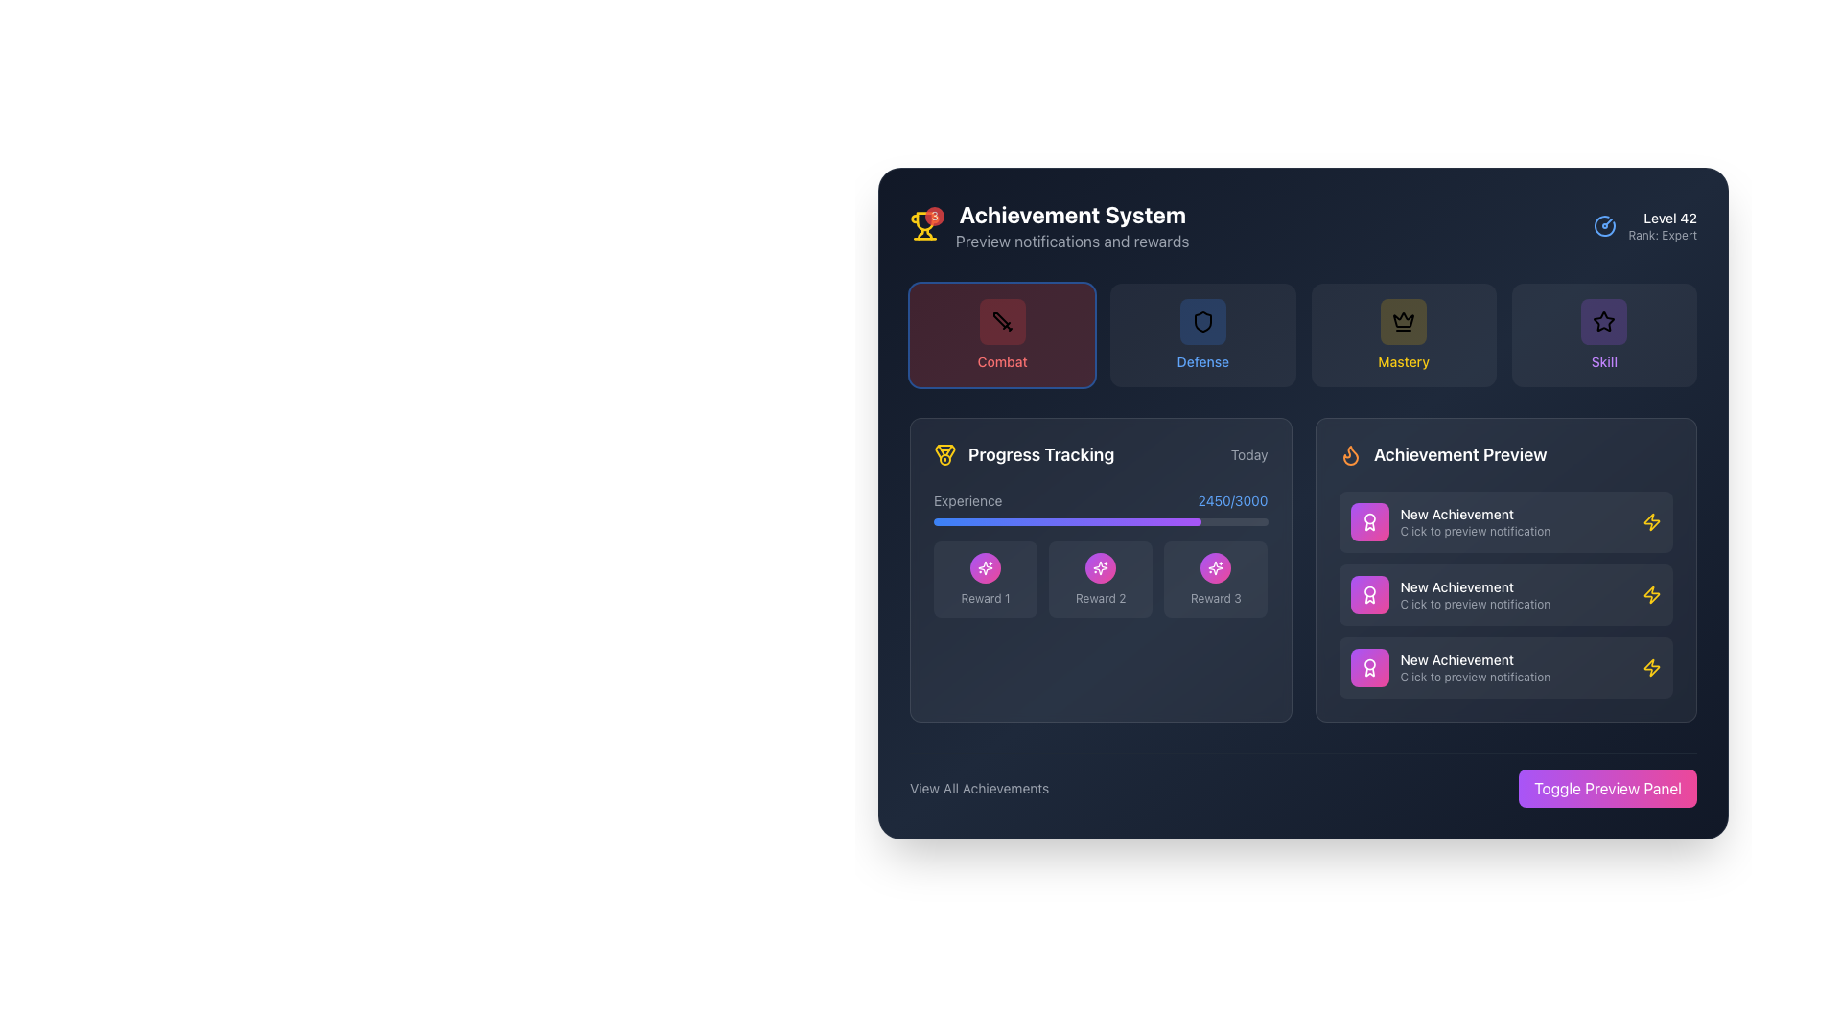 This screenshot has height=1035, width=1841. Describe the element at coordinates (1504, 454) in the screenshot. I see `the header labeled 'Achievement Preview' which features a bold white text and an orange flame icon, located at the top of the right panel` at that location.